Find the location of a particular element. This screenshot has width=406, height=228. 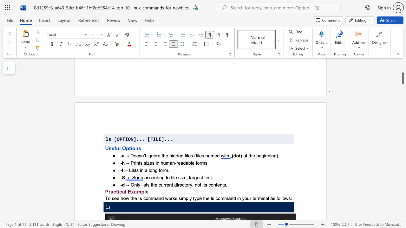

the subset text "size, largest first" within the text "according to file size, largest first." is located at coordinates (178, 177).